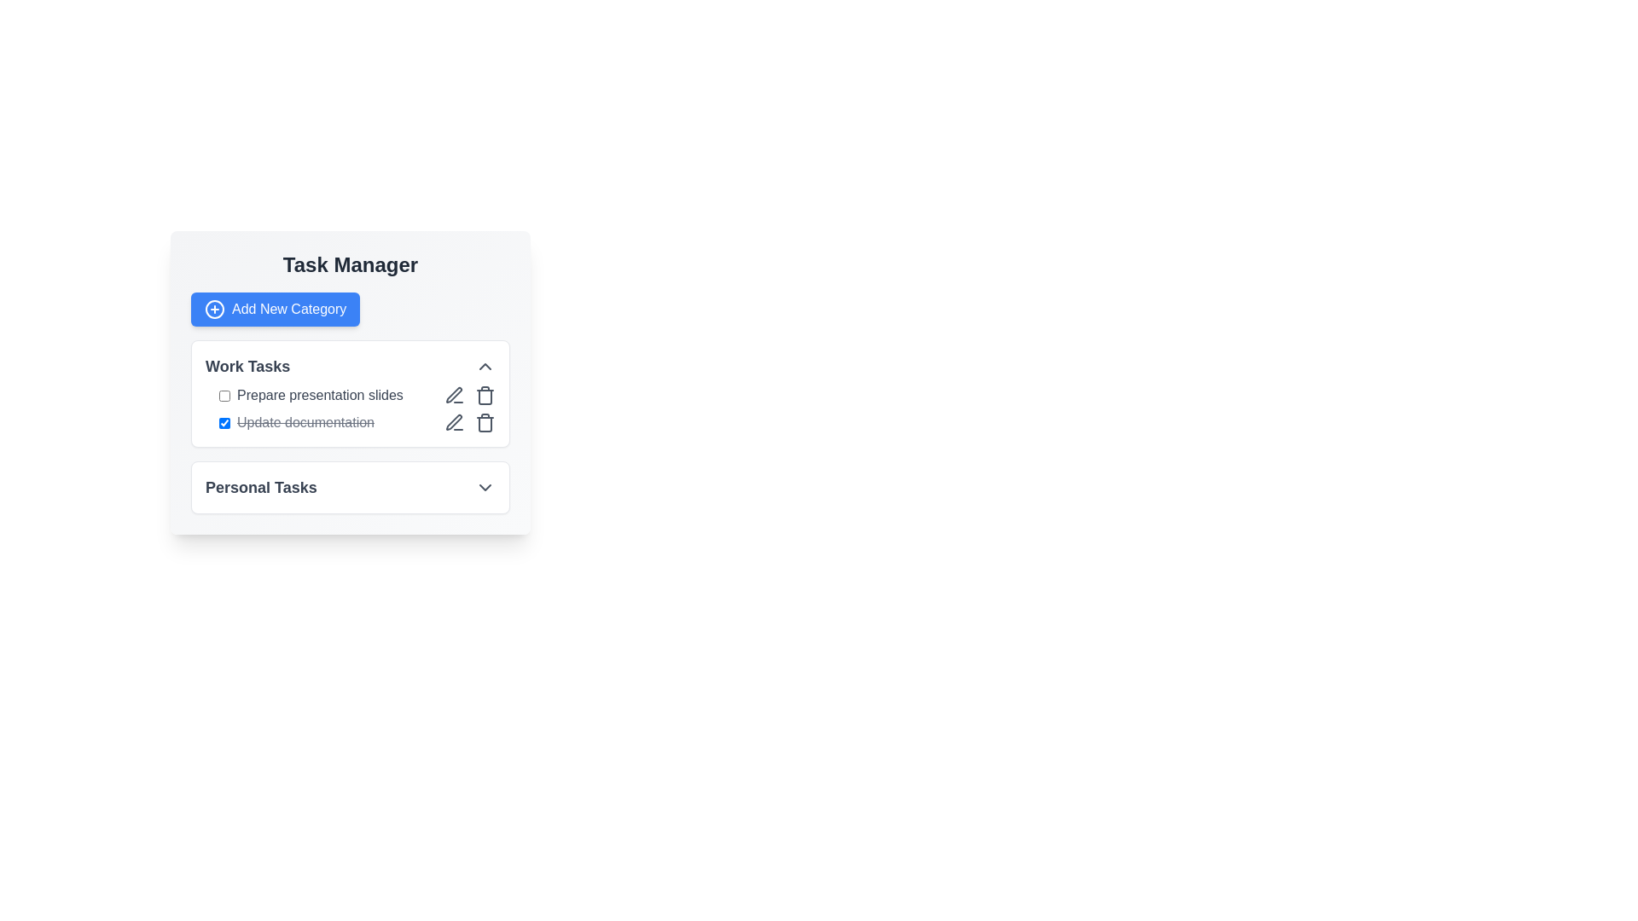  What do you see at coordinates (224, 395) in the screenshot?
I see `the checkbox associated with the task 'Prepare presentation slides'` at bounding box center [224, 395].